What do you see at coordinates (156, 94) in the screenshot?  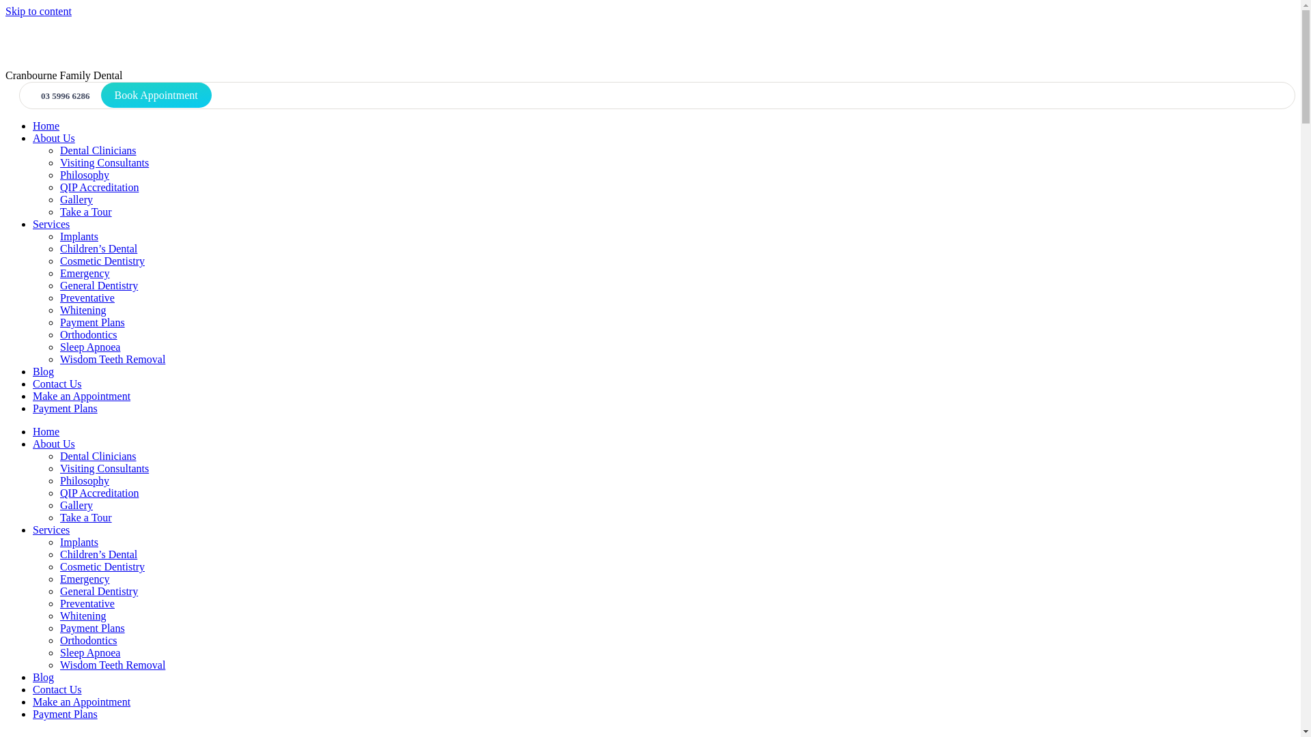 I see `'Book Appointment'` at bounding box center [156, 94].